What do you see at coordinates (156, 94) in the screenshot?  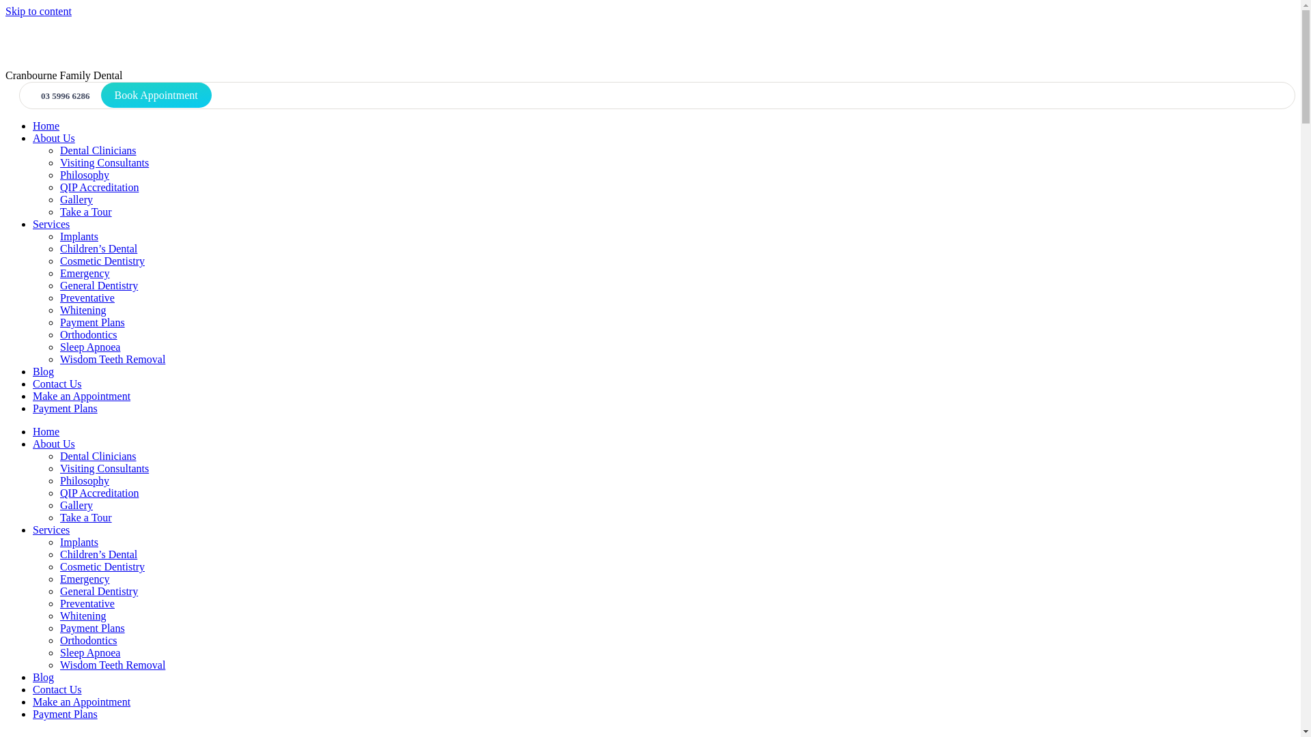 I see `'Book Appointment'` at bounding box center [156, 94].